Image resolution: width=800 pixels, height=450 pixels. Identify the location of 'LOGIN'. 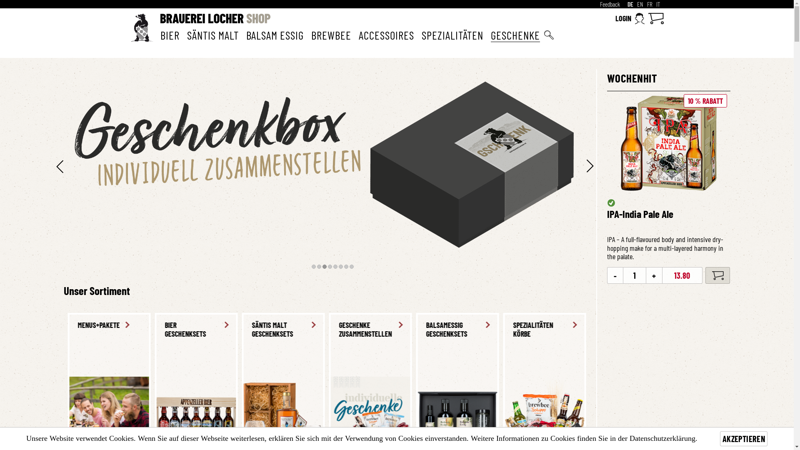
(630, 18).